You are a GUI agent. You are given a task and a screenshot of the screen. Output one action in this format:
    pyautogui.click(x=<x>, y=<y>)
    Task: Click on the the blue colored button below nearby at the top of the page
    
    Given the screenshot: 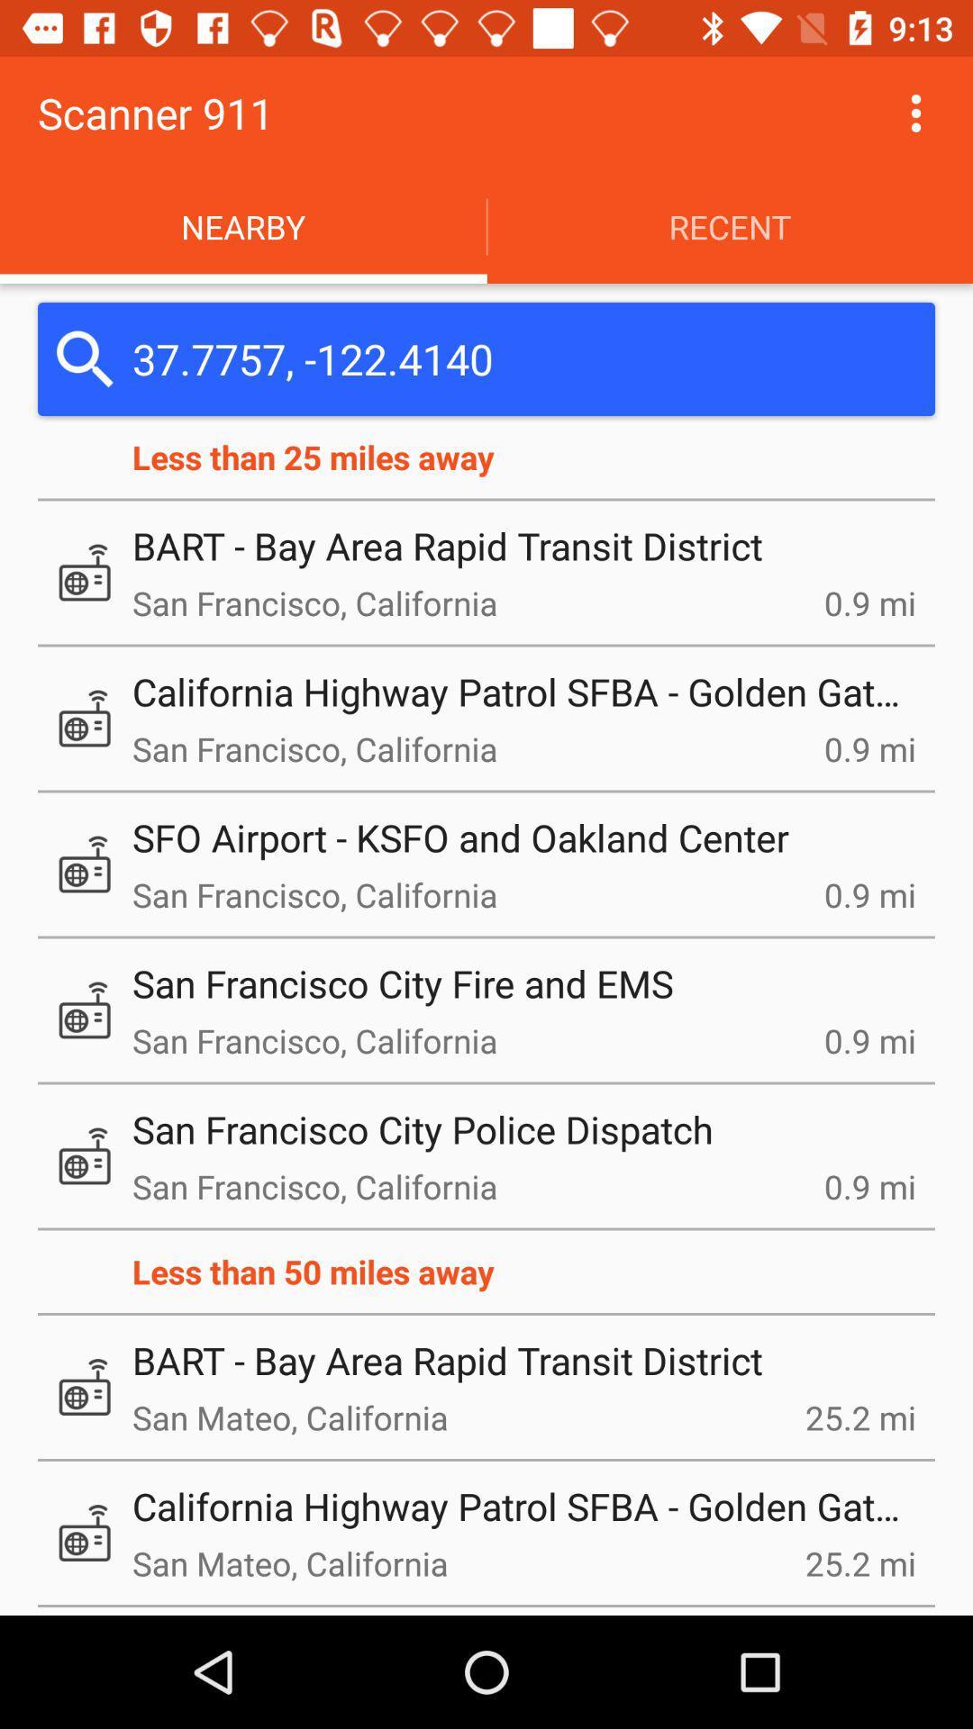 What is the action you would take?
    pyautogui.click(x=486, y=358)
    